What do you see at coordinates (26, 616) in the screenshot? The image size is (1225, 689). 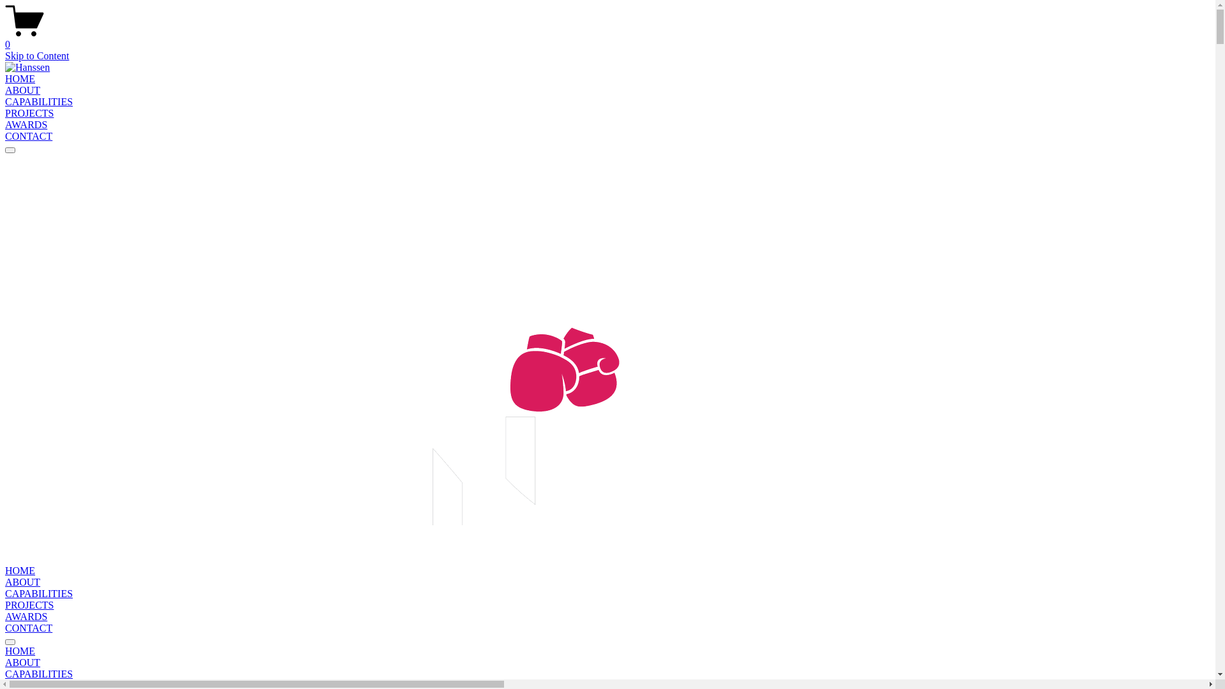 I see `'AWARDS'` at bounding box center [26, 616].